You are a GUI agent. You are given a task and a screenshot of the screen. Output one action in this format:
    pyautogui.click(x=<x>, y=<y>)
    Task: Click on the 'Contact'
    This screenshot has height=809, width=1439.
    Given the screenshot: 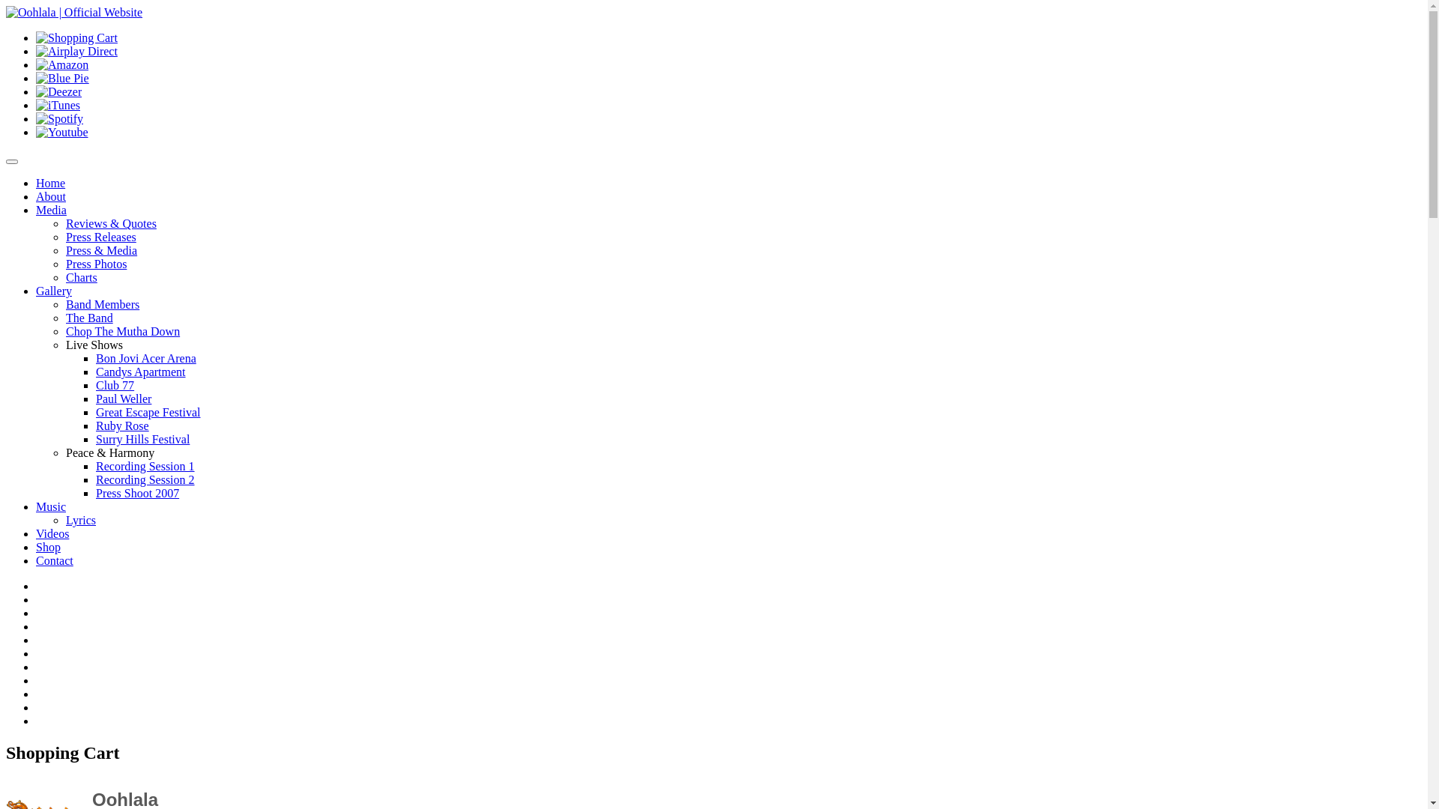 What is the action you would take?
    pyautogui.click(x=54, y=560)
    